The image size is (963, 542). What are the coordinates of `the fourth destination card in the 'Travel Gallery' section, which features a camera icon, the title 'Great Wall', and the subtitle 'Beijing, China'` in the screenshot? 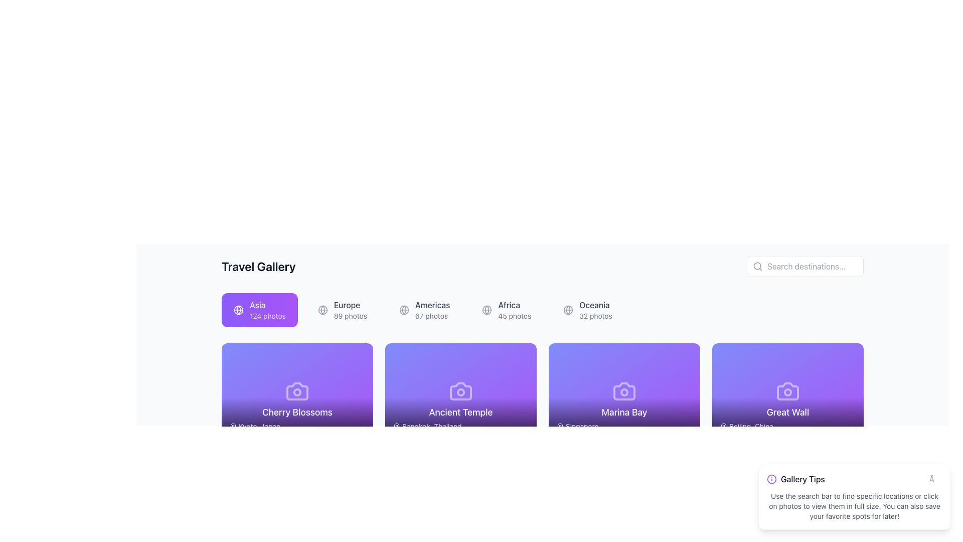 It's located at (787, 390).